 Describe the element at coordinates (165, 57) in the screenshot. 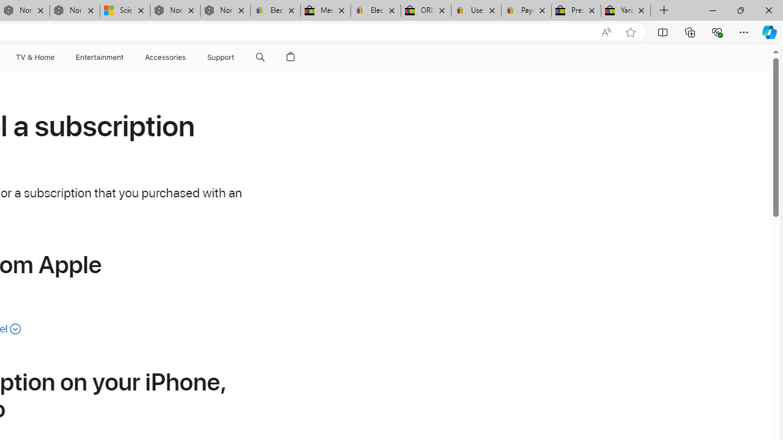

I see `'Accessories'` at that location.